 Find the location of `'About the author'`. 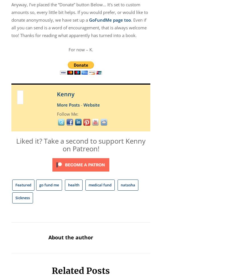

'About the author' is located at coordinates (70, 237).